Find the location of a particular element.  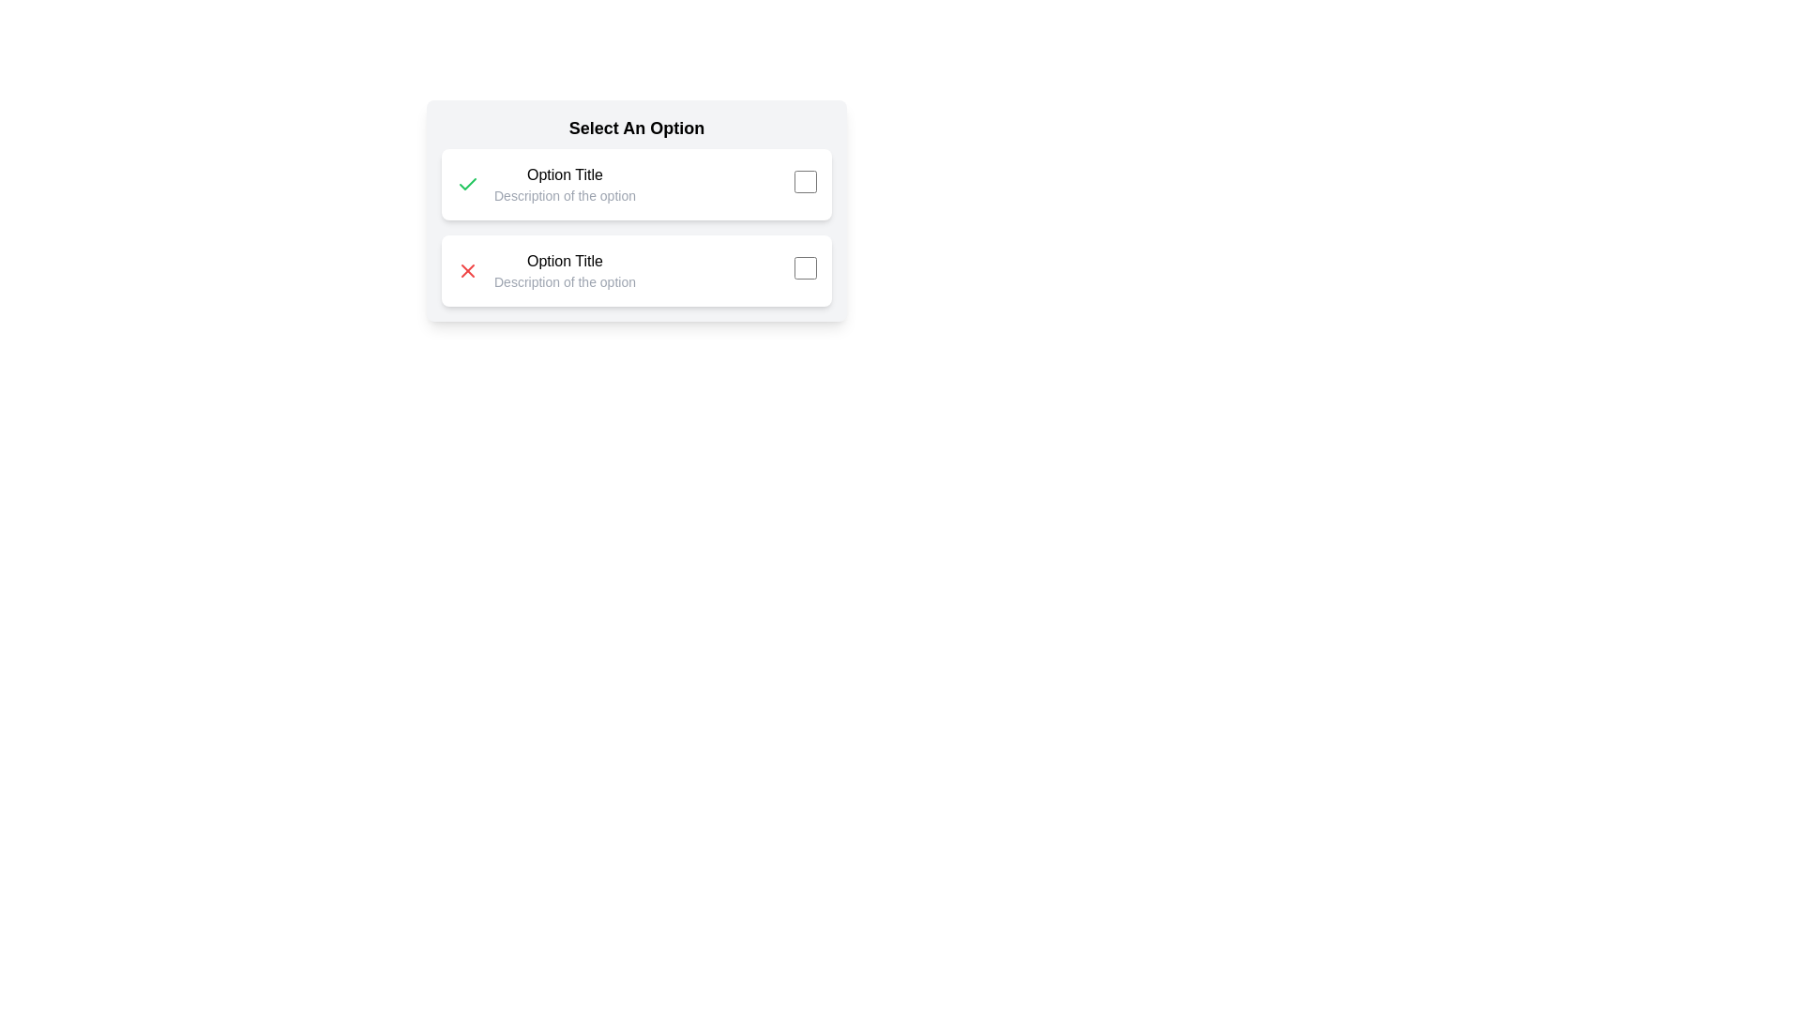

the checkbox located on the right side of the option block under the 'Select An Option' section is located at coordinates (806, 181).